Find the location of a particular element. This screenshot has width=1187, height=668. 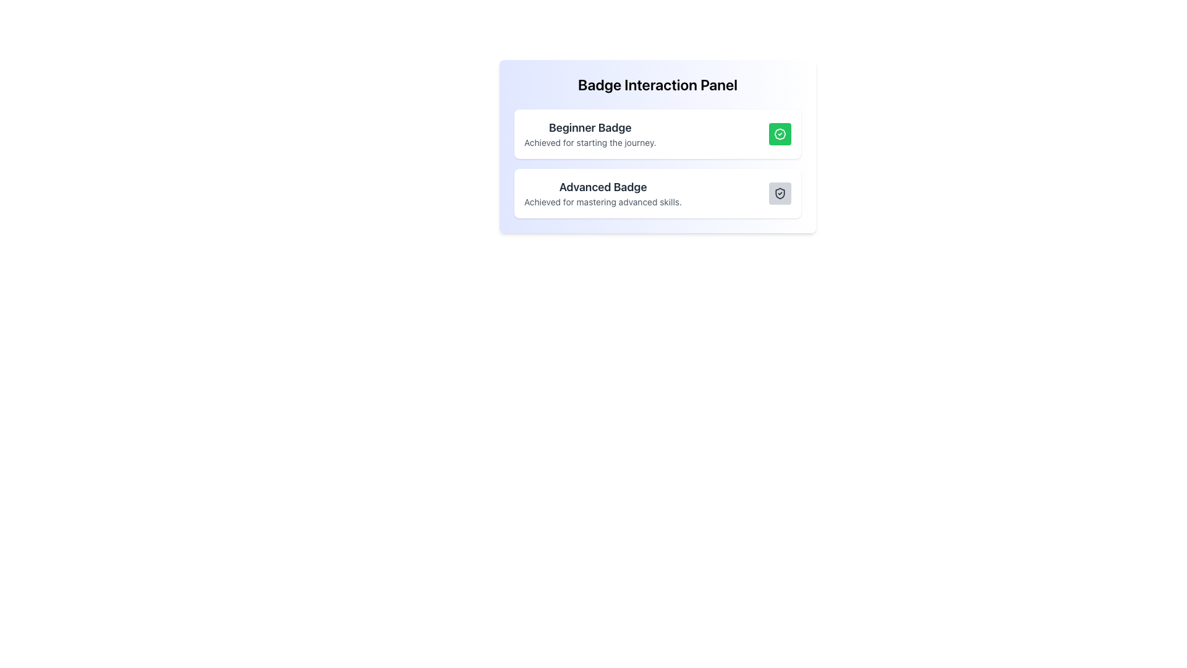

the static text label that displays 'Achieved for mastering advanced skills.' located below the 'Advanced Badge' label in the 'Badge Interaction Panel.' is located at coordinates (603, 202).